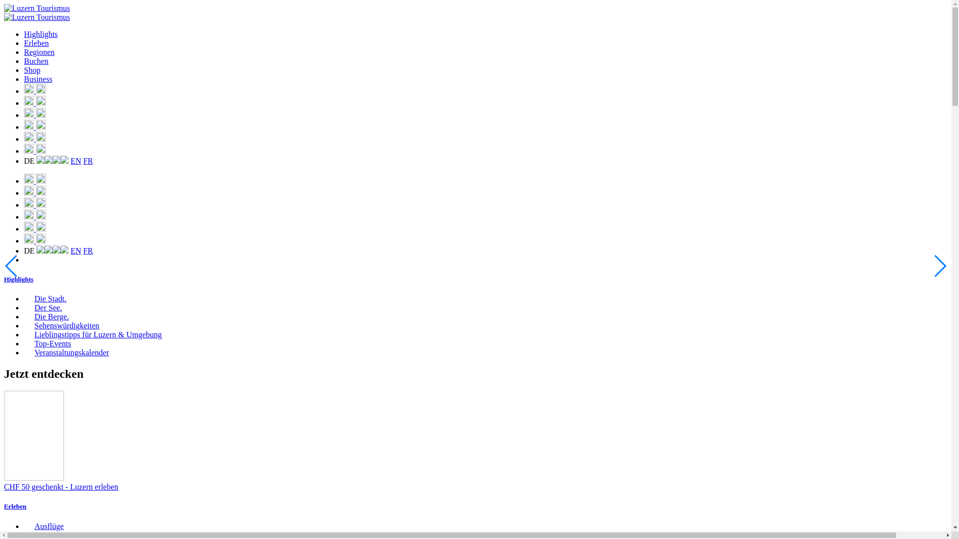 The height and width of the screenshot is (539, 959). I want to click on 'Erleben', so click(4, 506).